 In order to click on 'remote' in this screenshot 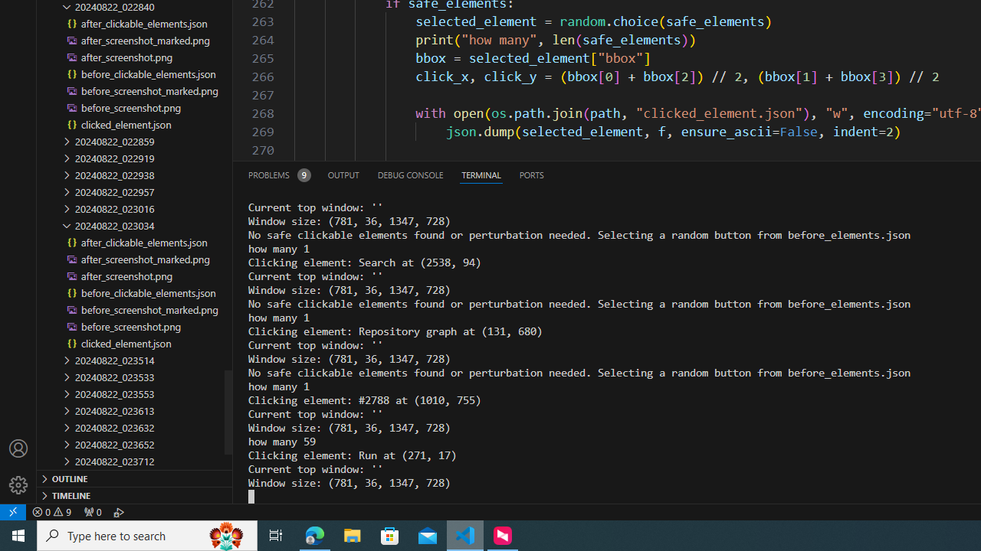, I will do `click(13, 511)`.